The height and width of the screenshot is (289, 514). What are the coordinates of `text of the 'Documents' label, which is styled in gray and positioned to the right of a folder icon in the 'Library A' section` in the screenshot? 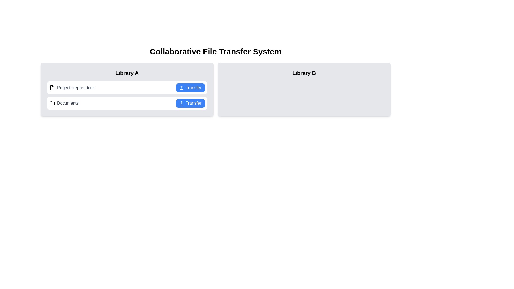 It's located at (67, 103).